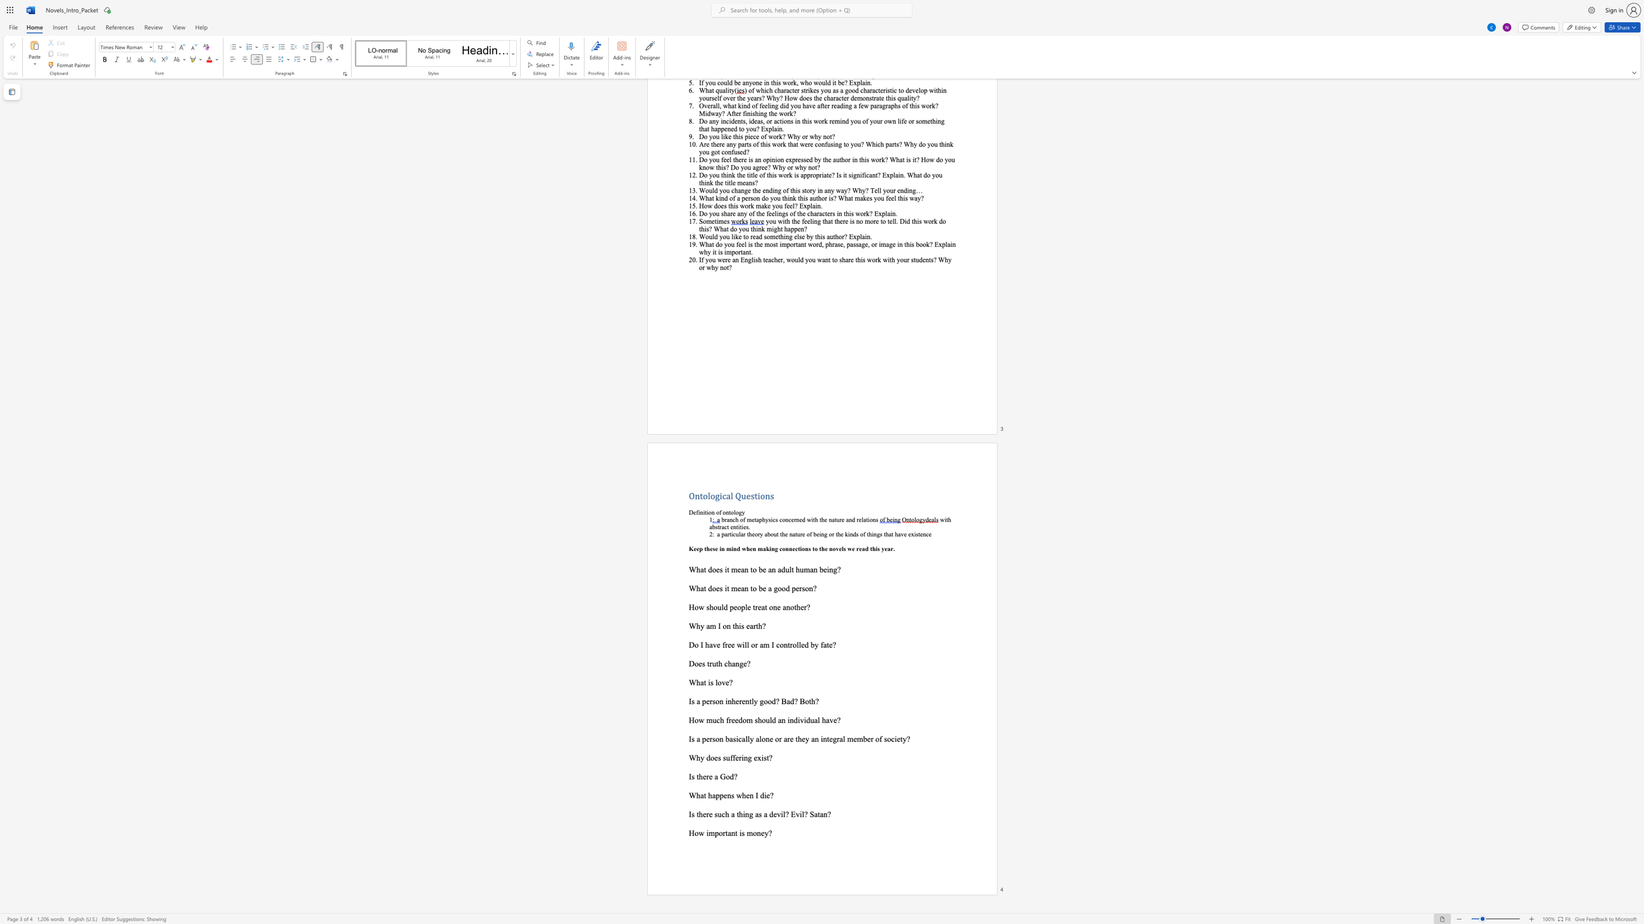 Image resolution: width=1644 pixels, height=924 pixels. Describe the element at coordinates (806, 720) in the screenshot. I see `the subset text "dual" within the text "How much freedom should an individual have?"` at that location.